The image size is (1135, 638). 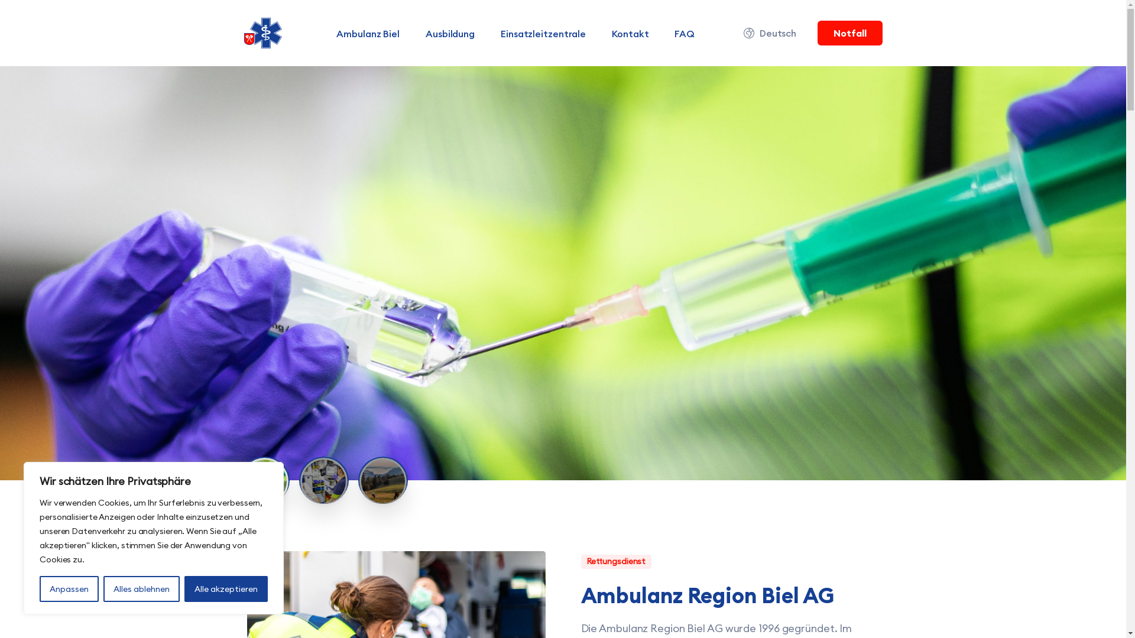 What do you see at coordinates (367, 32) in the screenshot?
I see `'Ambulanz Biel'` at bounding box center [367, 32].